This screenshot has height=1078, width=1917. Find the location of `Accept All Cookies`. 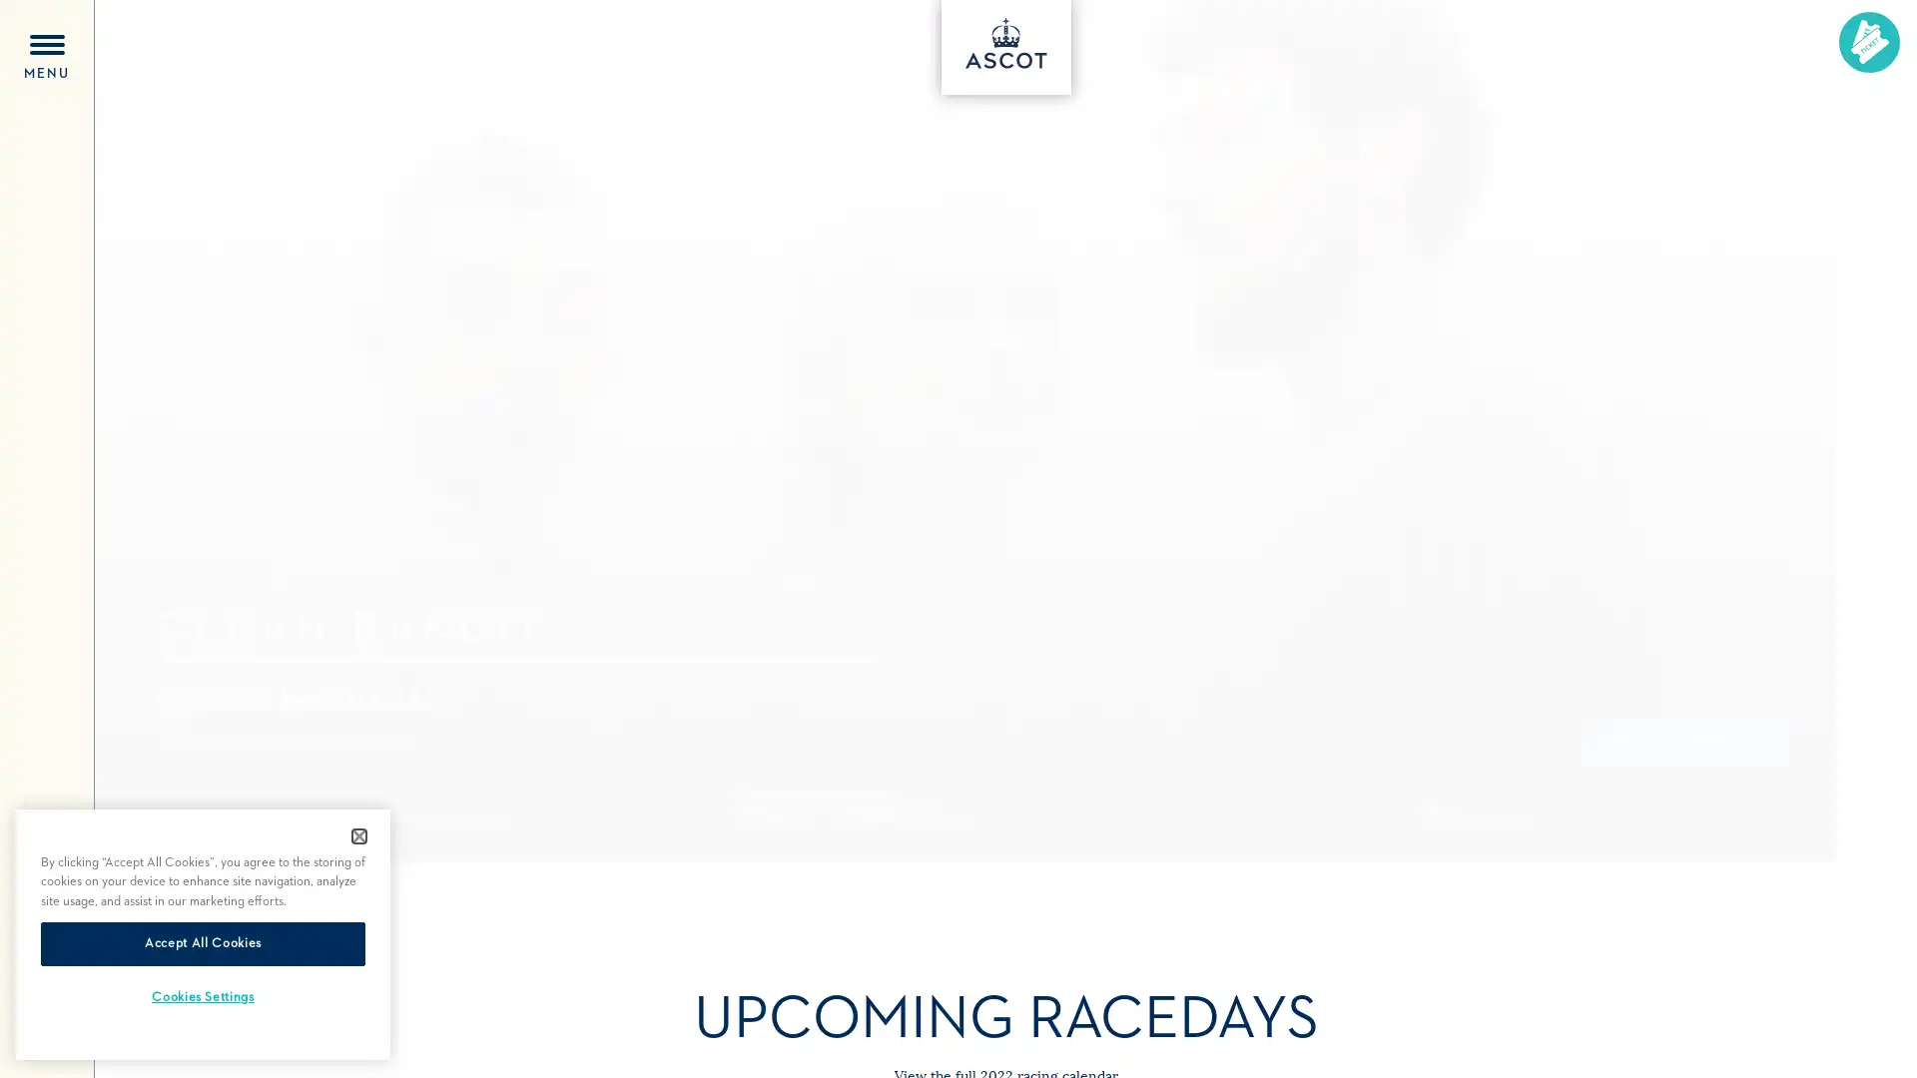

Accept All Cookies is located at coordinates (203, 943).